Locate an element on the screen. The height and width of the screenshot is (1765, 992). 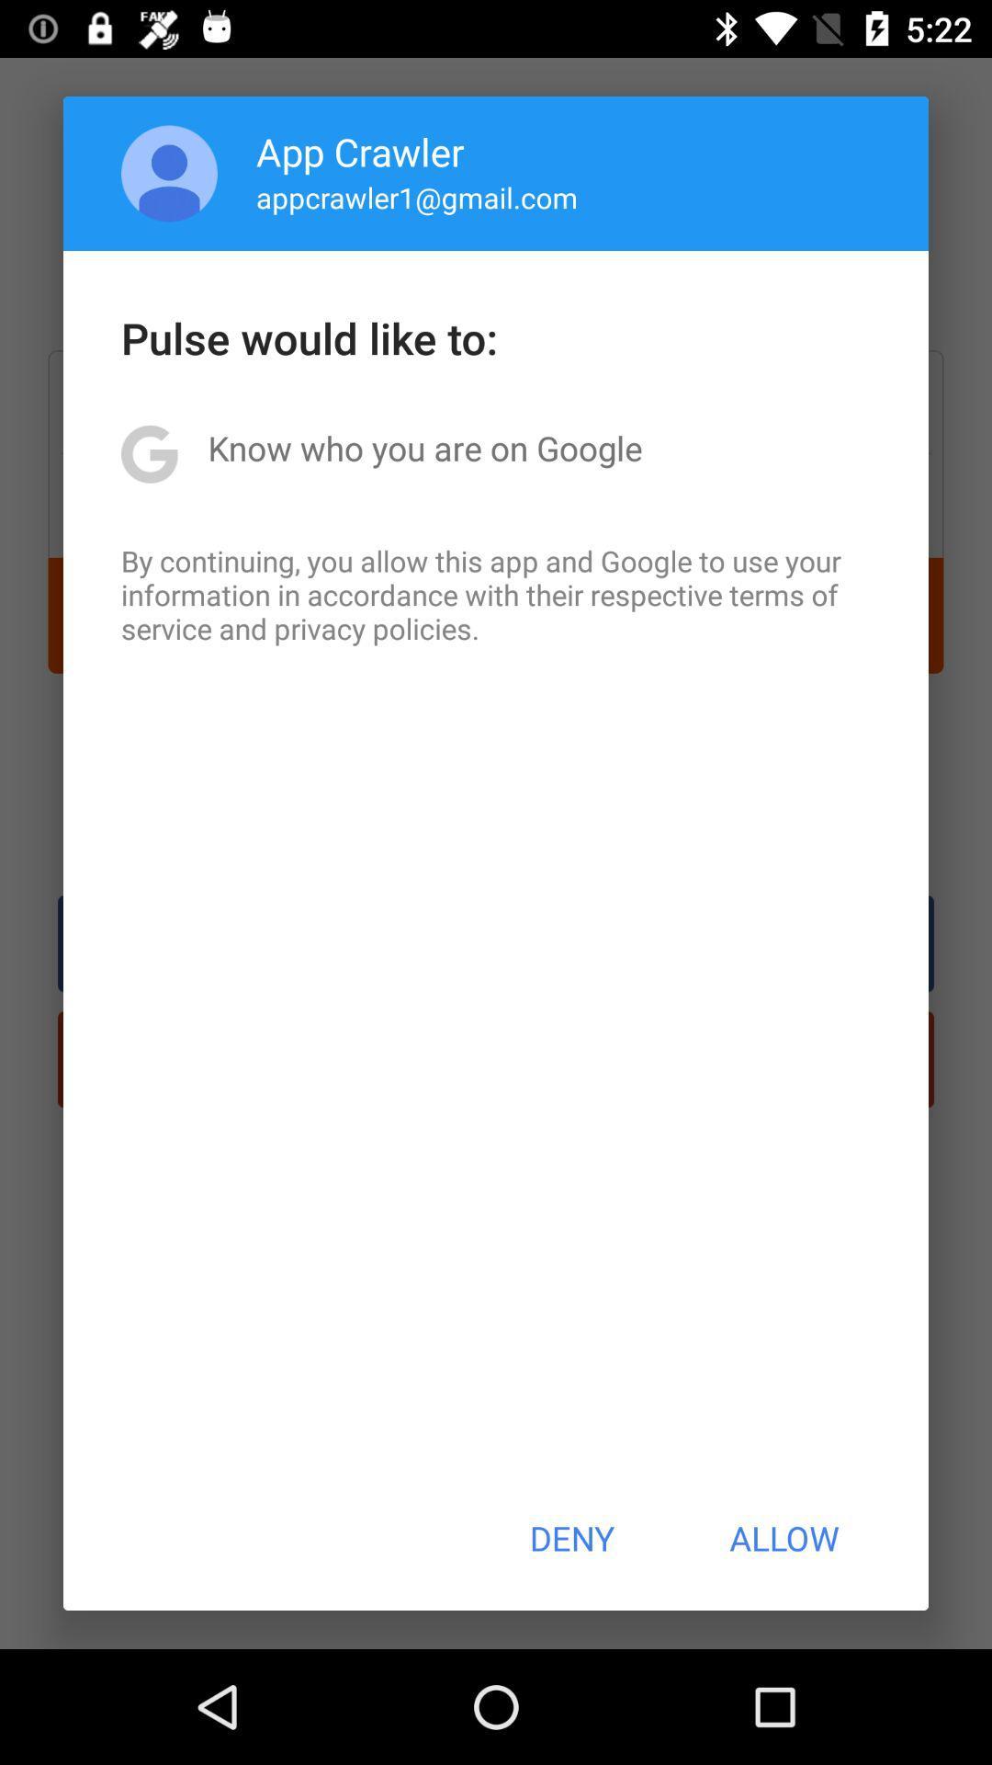
app crawler item is located at coordinates (360, 151).